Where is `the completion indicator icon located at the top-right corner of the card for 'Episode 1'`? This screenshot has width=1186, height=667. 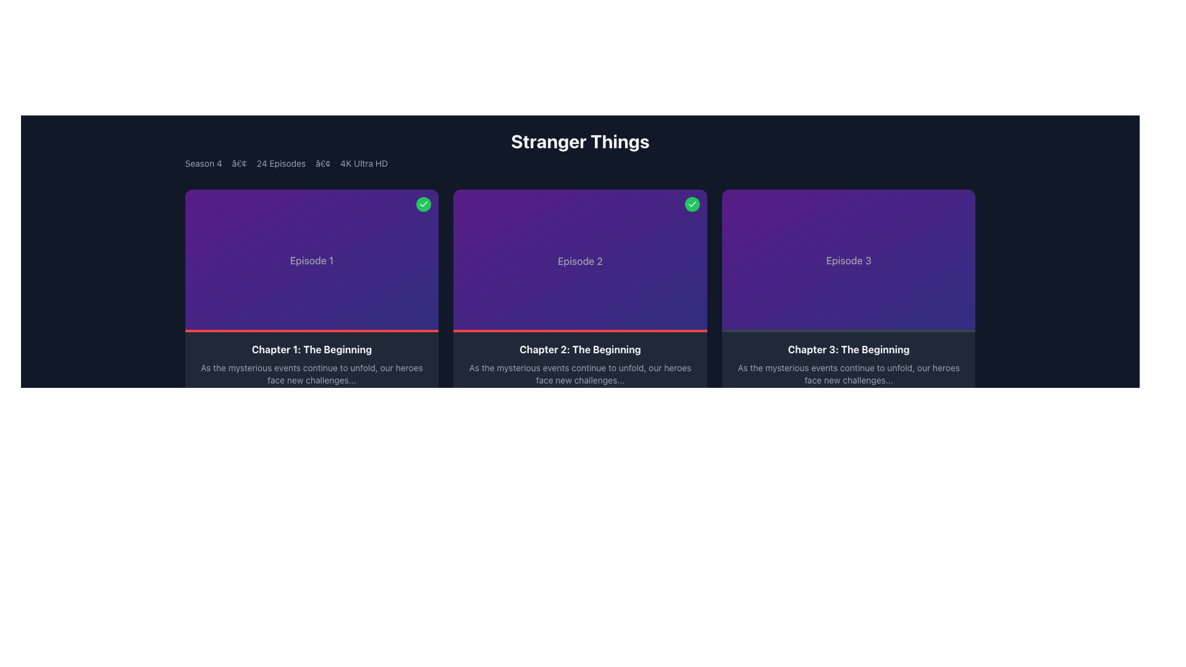 the completion indicator icon located at the top-right corner of the card for 'Episode 1' is located at coordinates (424, 204).